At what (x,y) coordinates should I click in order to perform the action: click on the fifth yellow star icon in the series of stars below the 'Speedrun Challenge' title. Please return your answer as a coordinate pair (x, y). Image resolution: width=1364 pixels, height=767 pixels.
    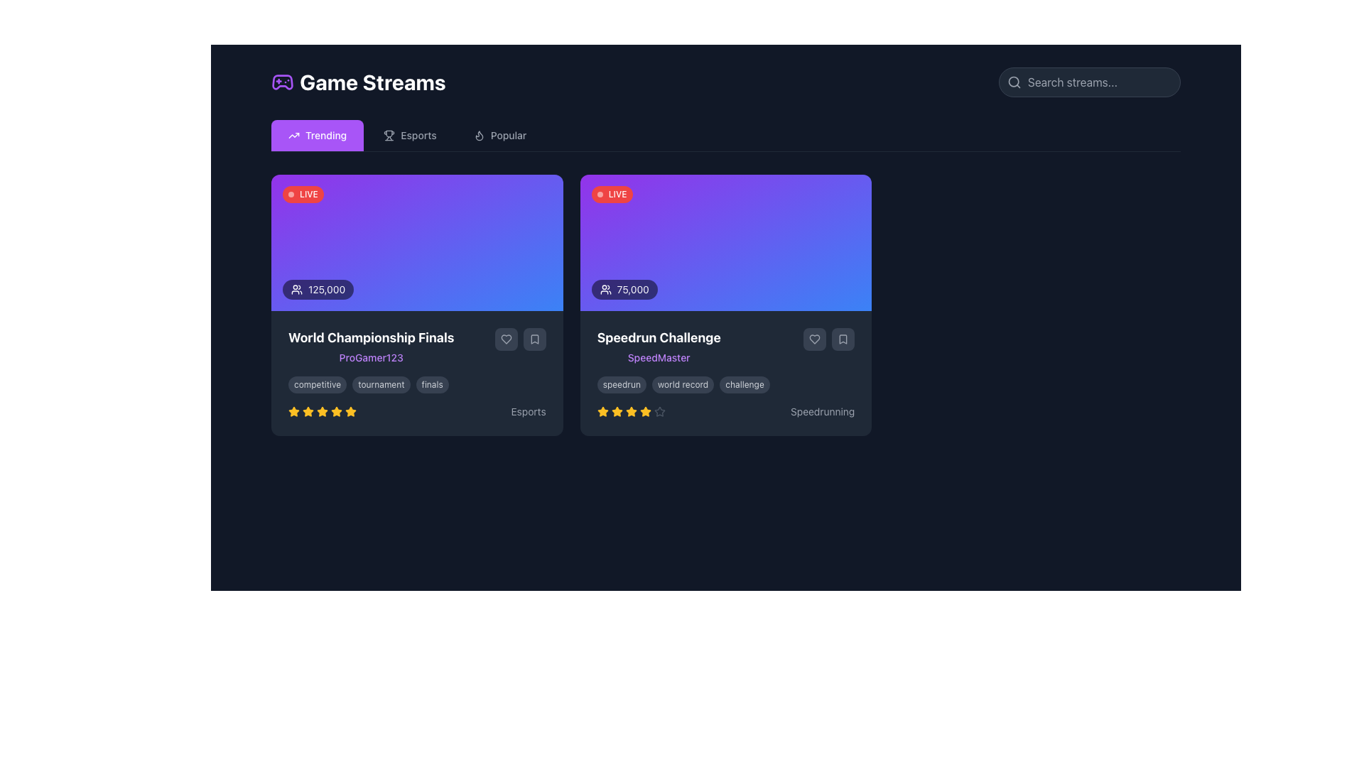
    Looking at the image, I should click on (644, 411).